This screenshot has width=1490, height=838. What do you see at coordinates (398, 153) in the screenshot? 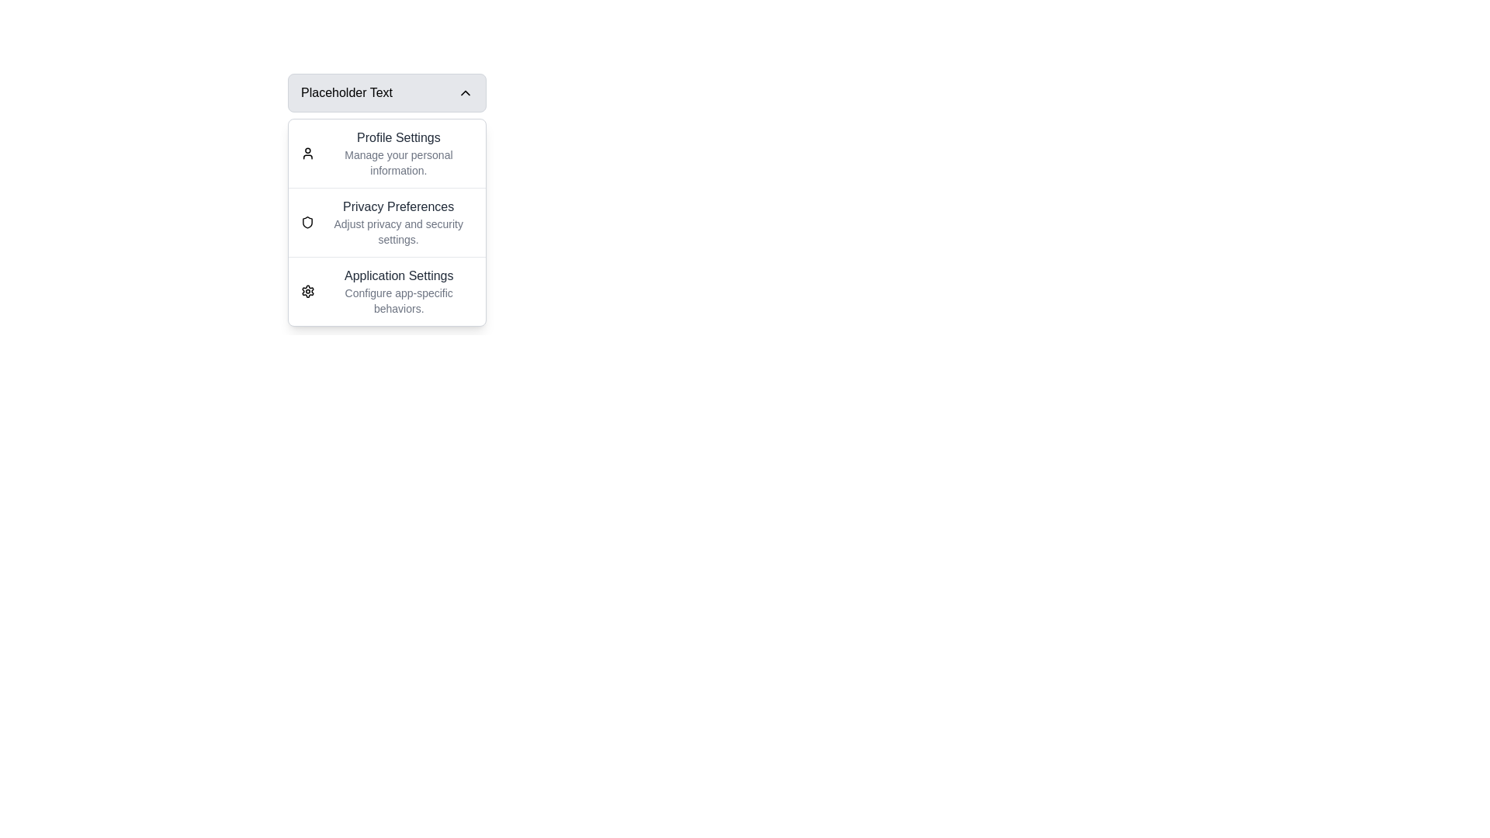
I see `the 'Profile Settings' text block, which features a larger bold title and a smaller description` at bounding box center [398, 153].